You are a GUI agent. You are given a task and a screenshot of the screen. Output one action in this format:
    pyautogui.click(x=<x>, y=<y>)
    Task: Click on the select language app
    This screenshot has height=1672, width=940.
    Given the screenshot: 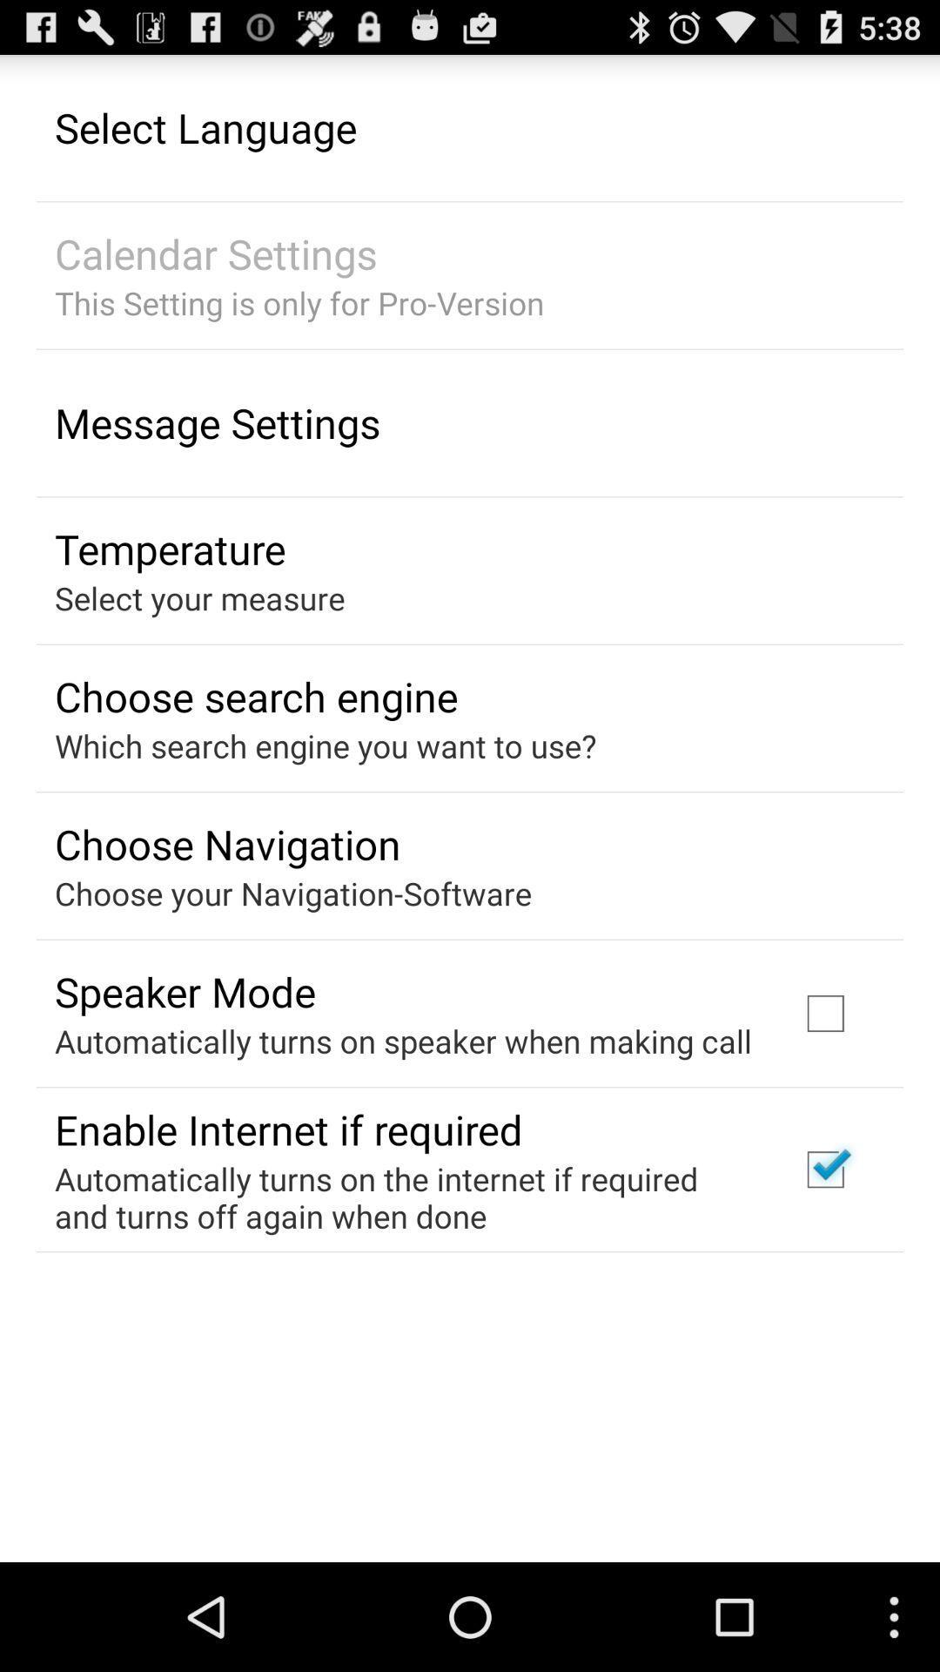 What is the action you would take?
    pyautogui.click(x=205, y=126)
    